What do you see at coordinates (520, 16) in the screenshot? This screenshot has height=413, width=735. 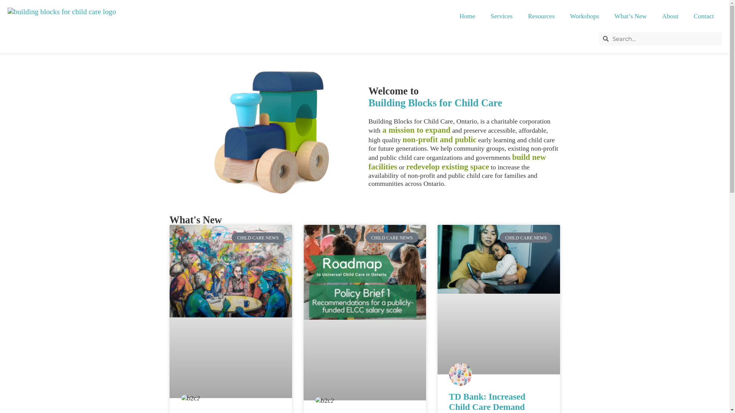 I see `'Resources'` at bounding box center [520, 16].